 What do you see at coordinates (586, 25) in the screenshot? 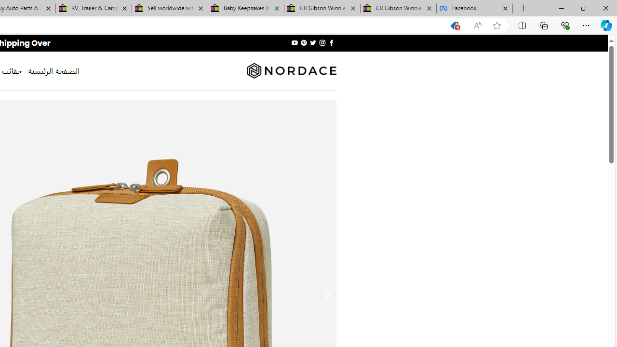
I see `'Settings and more (Alt+F)'` at bounding box center [586, 25].